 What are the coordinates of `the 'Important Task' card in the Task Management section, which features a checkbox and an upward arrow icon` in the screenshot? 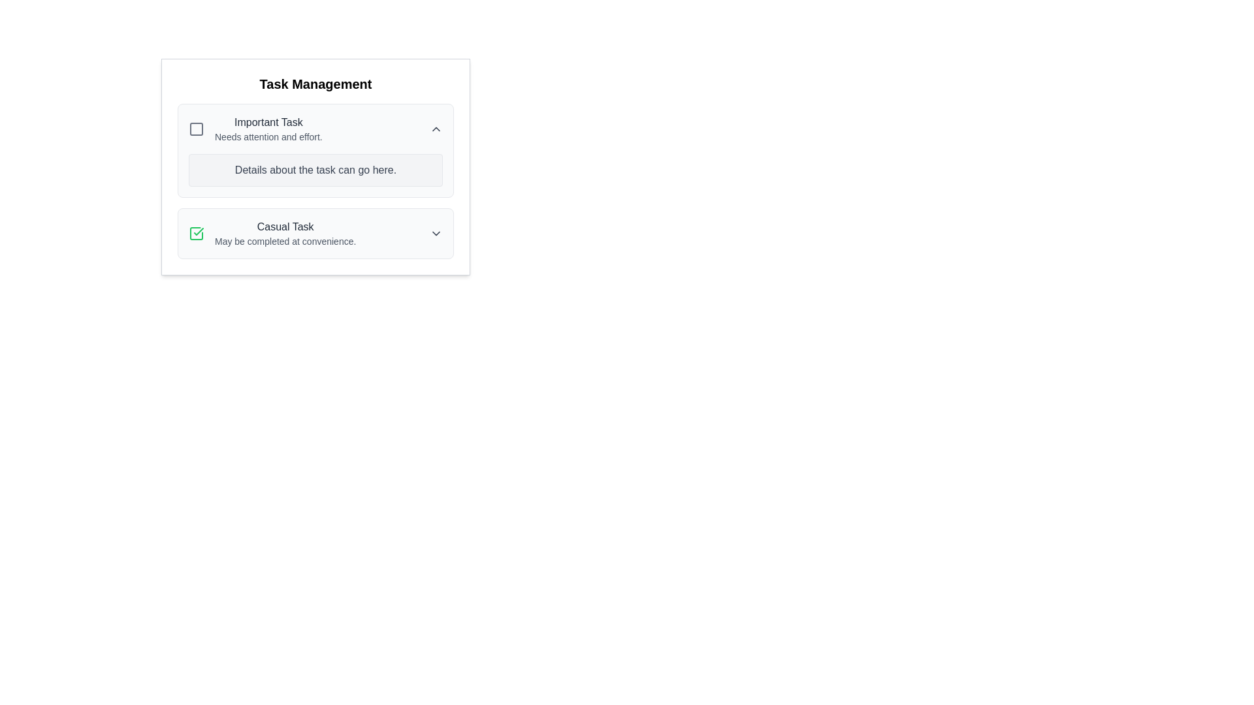 It's located at (315, 129).